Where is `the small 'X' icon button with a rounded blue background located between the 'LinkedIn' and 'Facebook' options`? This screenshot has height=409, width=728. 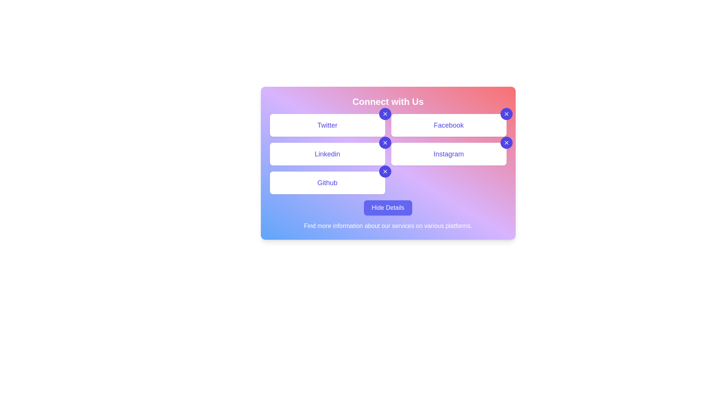
the small 'X' icon button with a rounded blue background located between the 'LinkedIn' and 'Facebook' options is located at coordinates (385, 143).